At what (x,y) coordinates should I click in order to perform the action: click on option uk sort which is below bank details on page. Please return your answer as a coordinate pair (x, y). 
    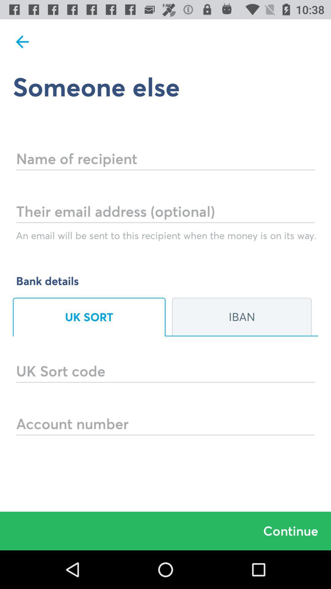
    Looking at the image, I should click on (89, 317).